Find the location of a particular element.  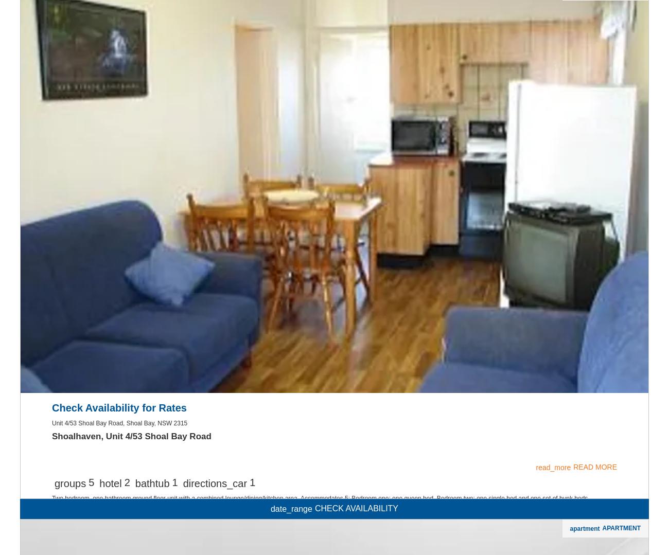

'ac_unit' is located at coordinates (334, 150).